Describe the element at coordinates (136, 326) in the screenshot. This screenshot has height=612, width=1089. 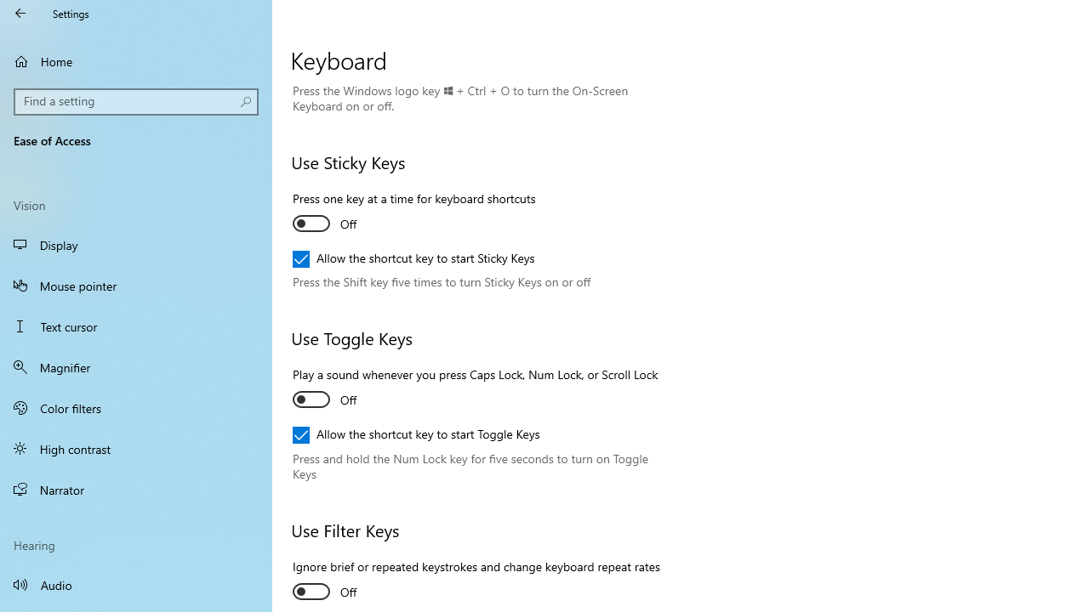
I see `'Text cursor'` at that location.